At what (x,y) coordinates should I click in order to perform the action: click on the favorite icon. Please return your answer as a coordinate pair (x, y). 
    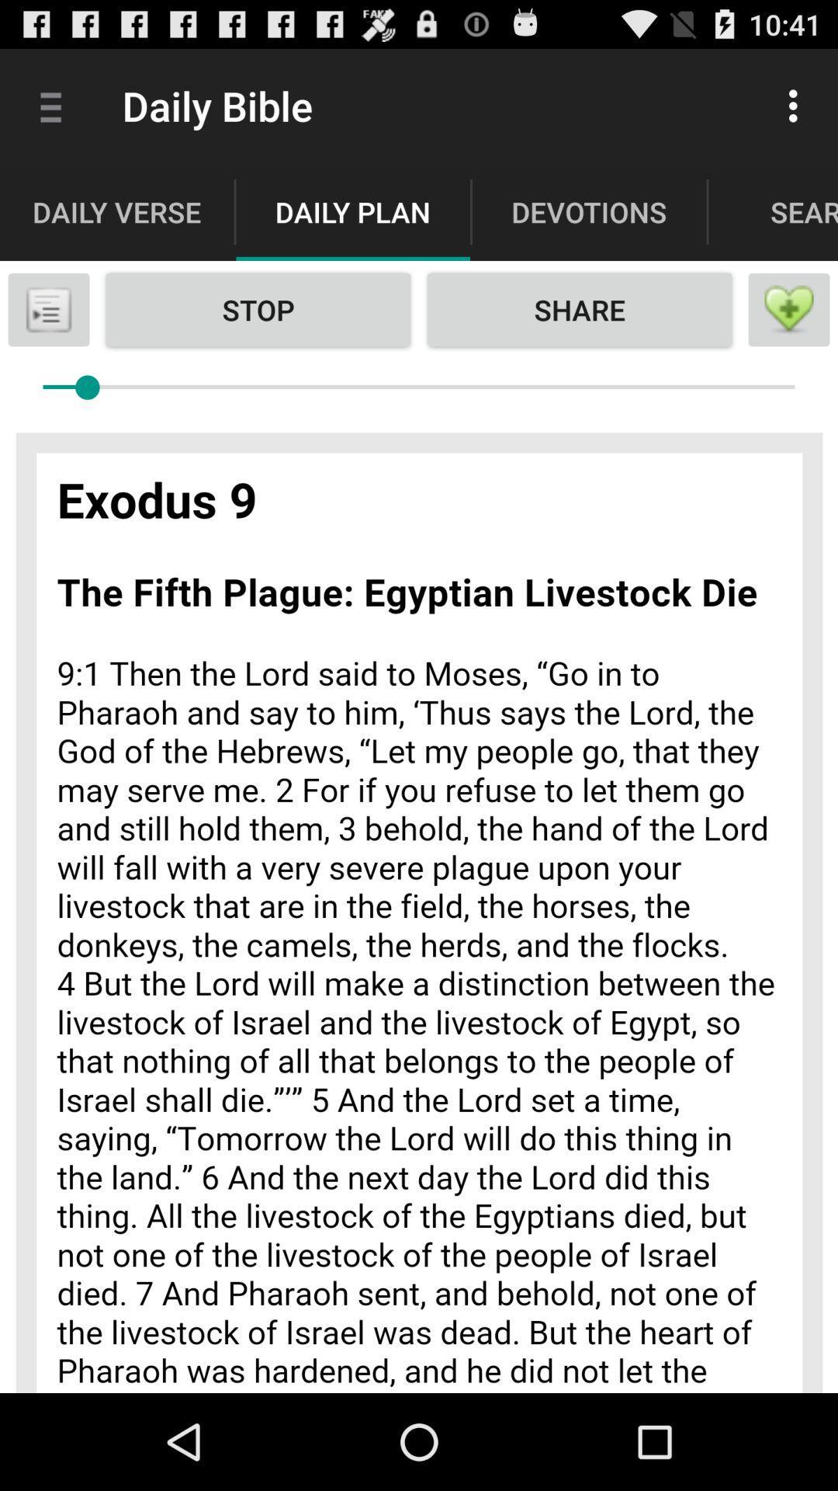
    Looking at the image, I should click on (789, 331).